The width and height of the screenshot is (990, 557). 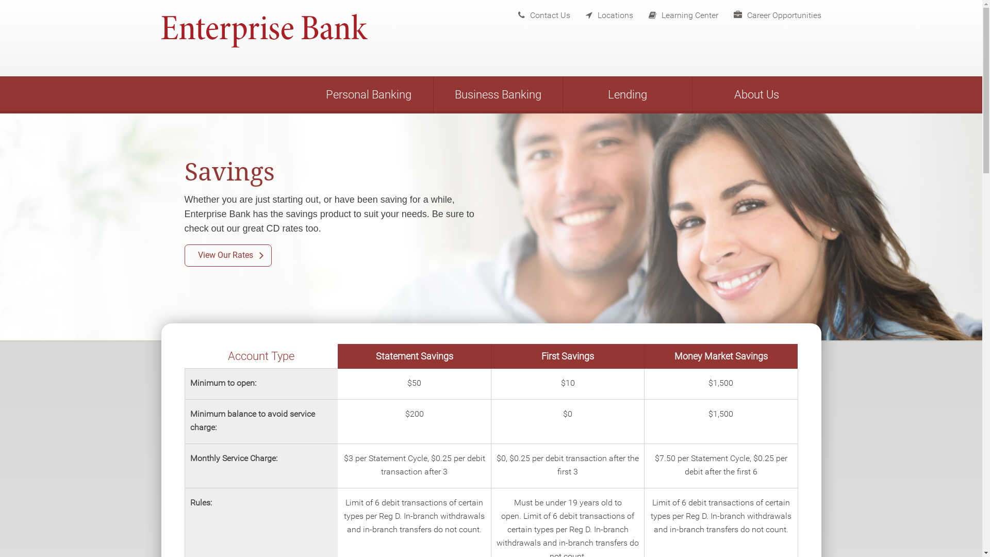 I want to click on 'Locations', so click(x=569, y=12).